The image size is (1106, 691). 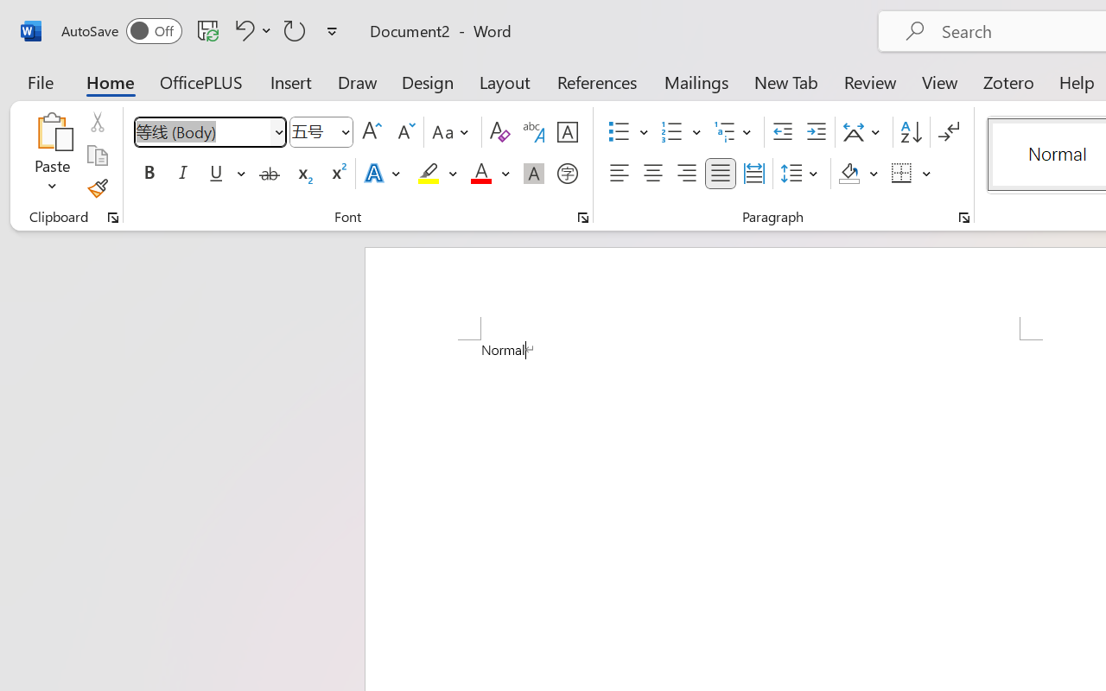 I want to click on 'References', so click(x=597, y=81).